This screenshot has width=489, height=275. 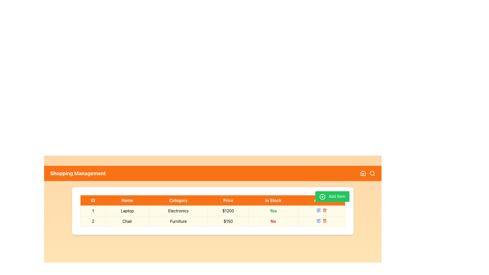 What do you see at coordinates (228, 221) in the screenshot?
I see `the text component displaying the price '$150' in black font, located in the fourth column of the second row of the table` at bounding box center [228, 221].